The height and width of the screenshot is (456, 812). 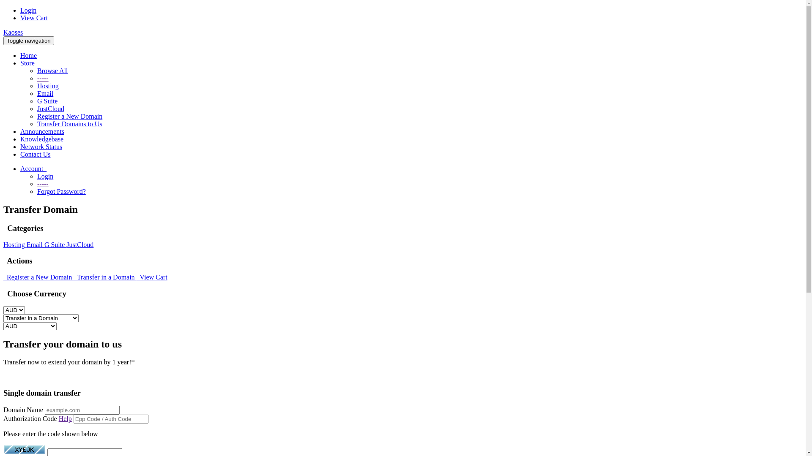 I want to click on 'Store  ', so click(x=29, y=62).